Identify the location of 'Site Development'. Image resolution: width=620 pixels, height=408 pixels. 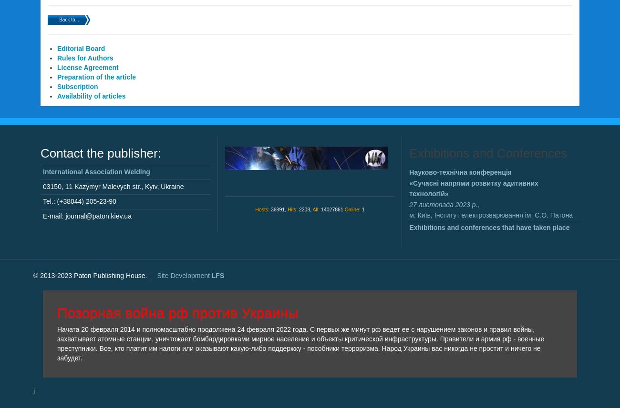
(156, 275).